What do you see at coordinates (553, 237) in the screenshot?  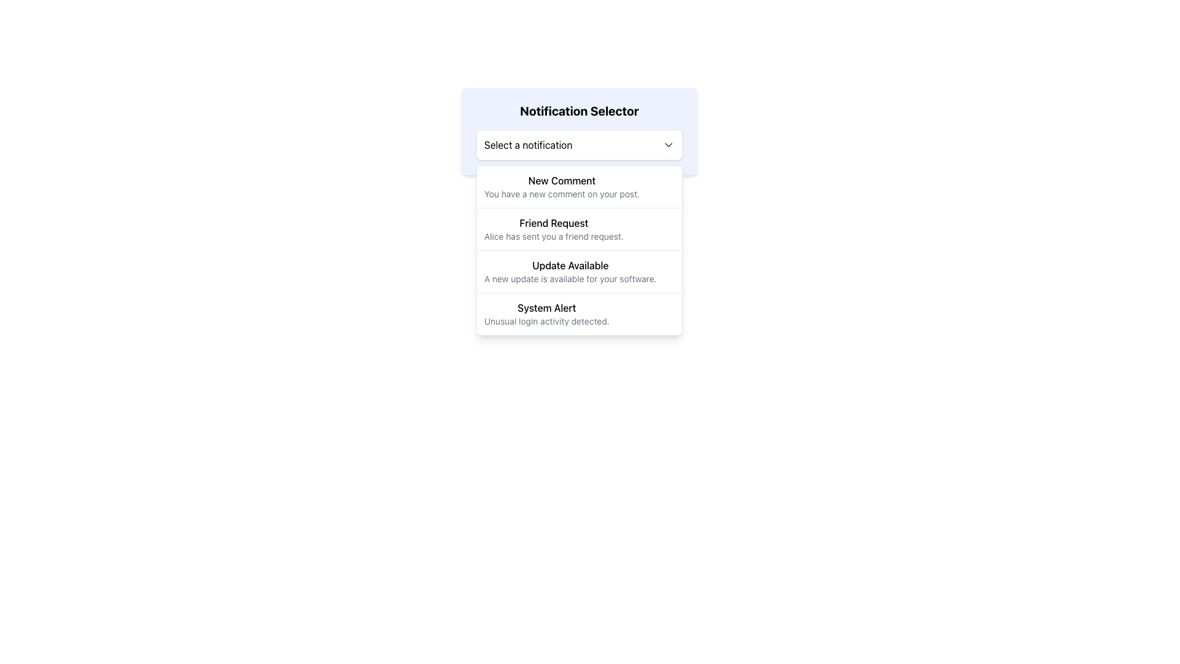 I see `the text element that reads 'Alice has sent you a friend request.' which is located below the 'Friend Request' heading in the dropdown menu` at bounding box center [553, 237].